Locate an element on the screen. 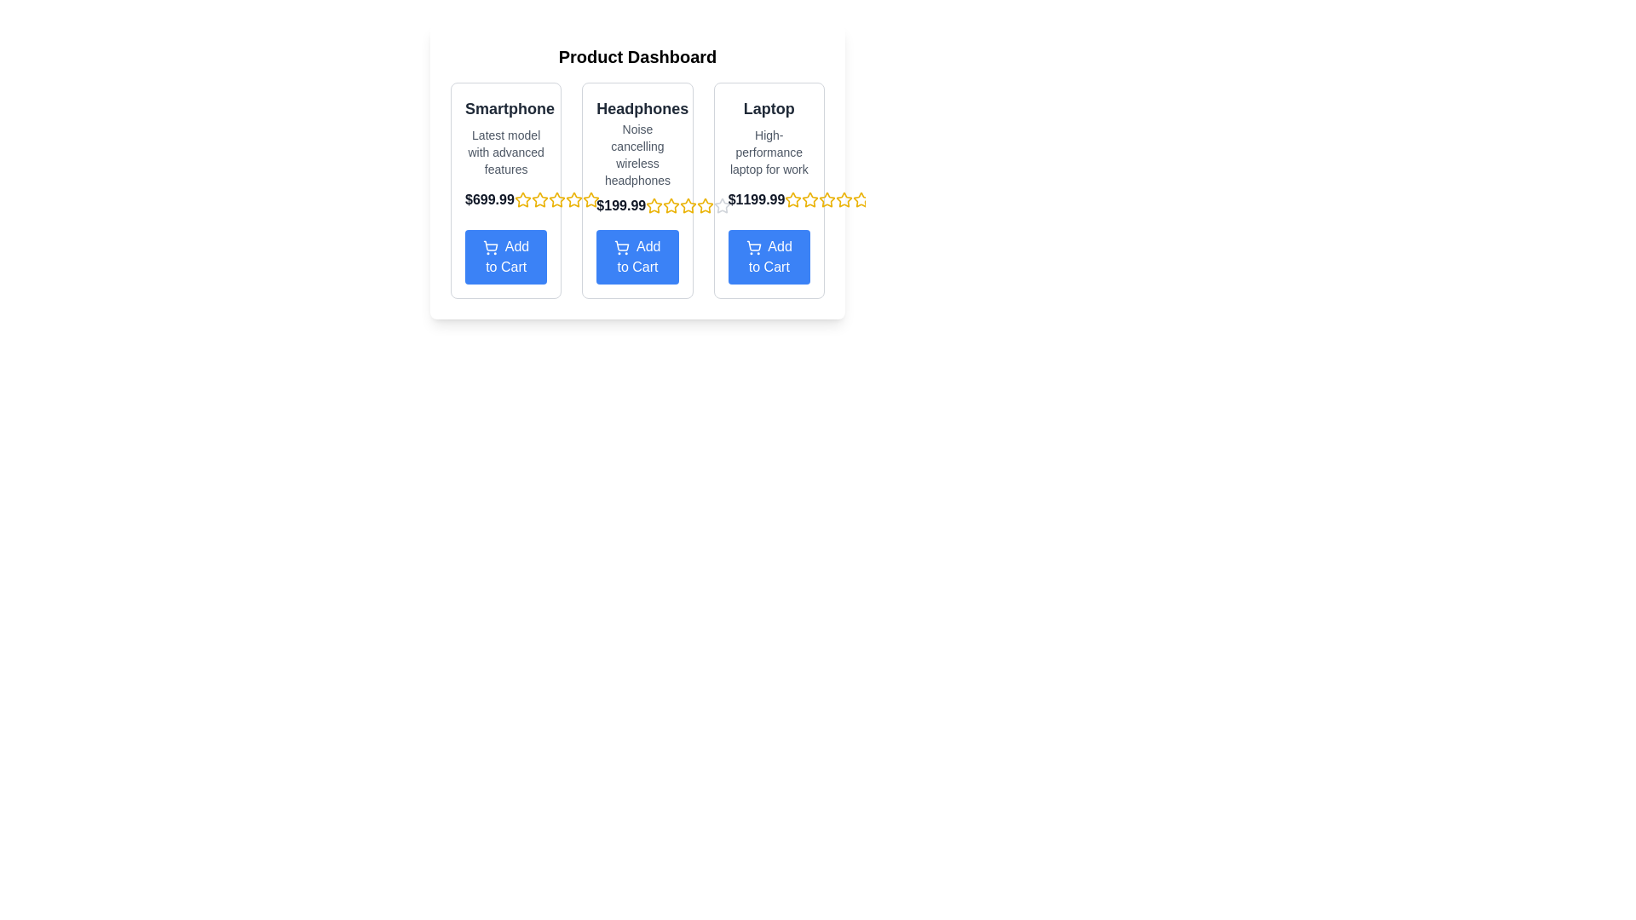 The image size is (1636, 920). the seventh rating star icon, which is a yellow star with a white border located beneath the price of the 'Laptop' card in the 'Product Dashboard' section is located at coordinates (827, 198).